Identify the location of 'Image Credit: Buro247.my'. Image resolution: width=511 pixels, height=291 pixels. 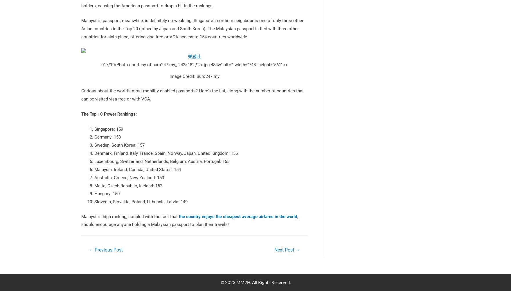
(194, 76).